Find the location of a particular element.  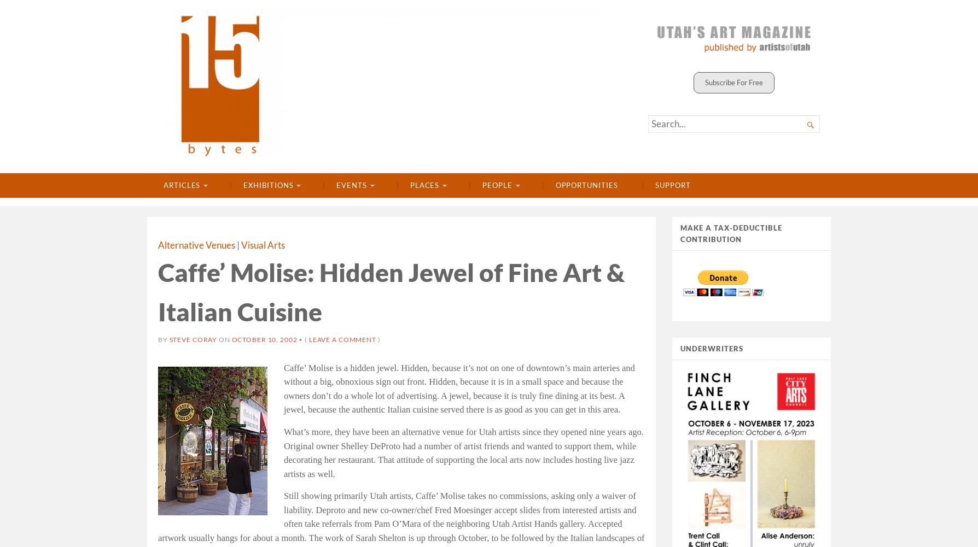

'People' is located at coordinates (497, 185).